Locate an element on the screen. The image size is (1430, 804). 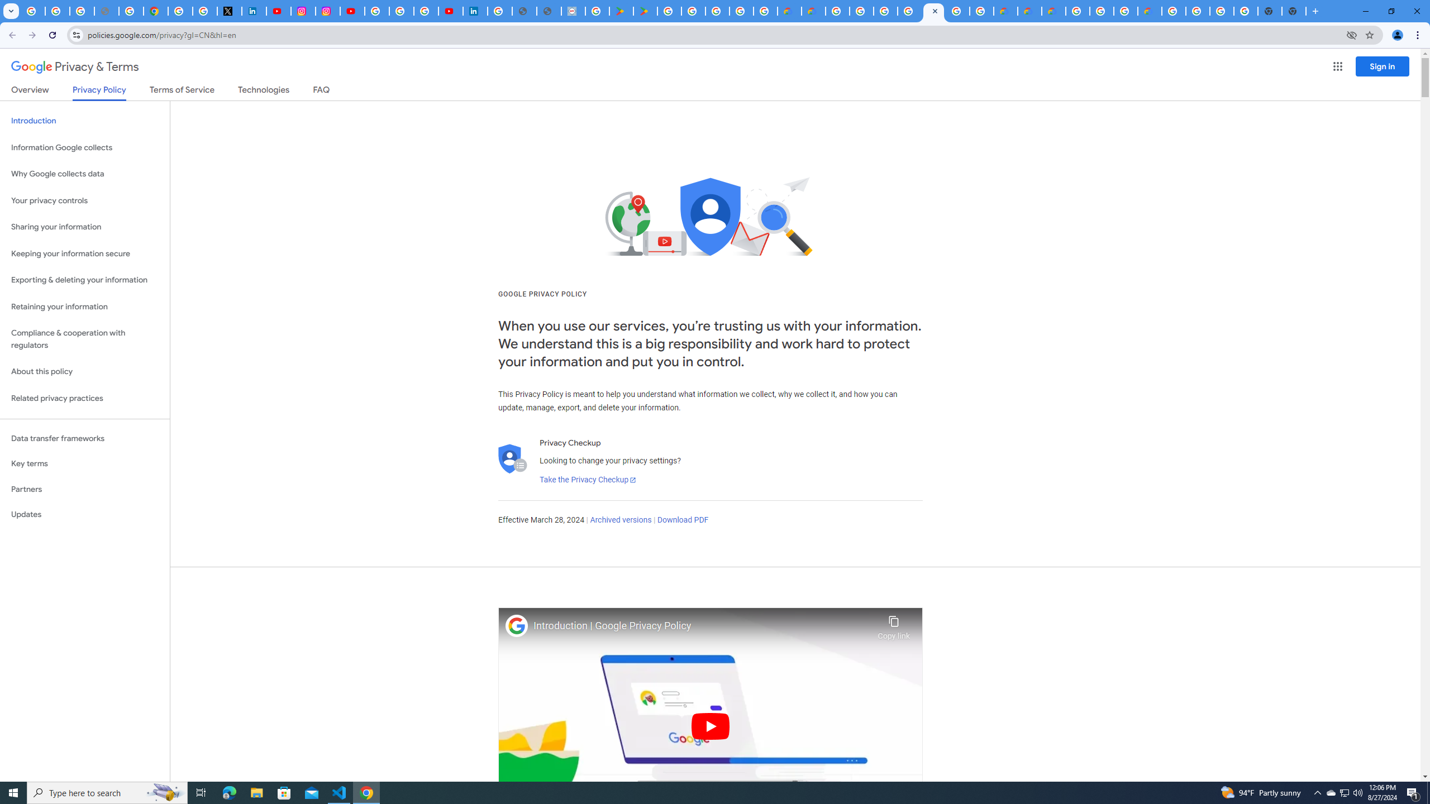
'Bookmark this tab' is located at coordinates (1369, 34).